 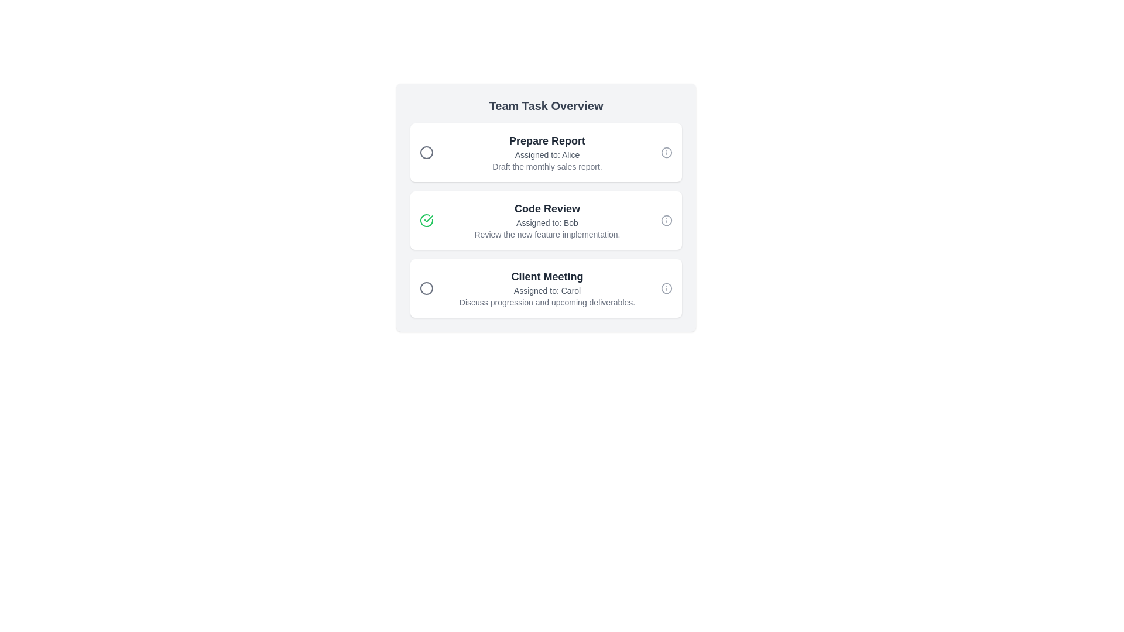 I want to click on the 'Prepare Report' text block element, so click(x=547, y=152).